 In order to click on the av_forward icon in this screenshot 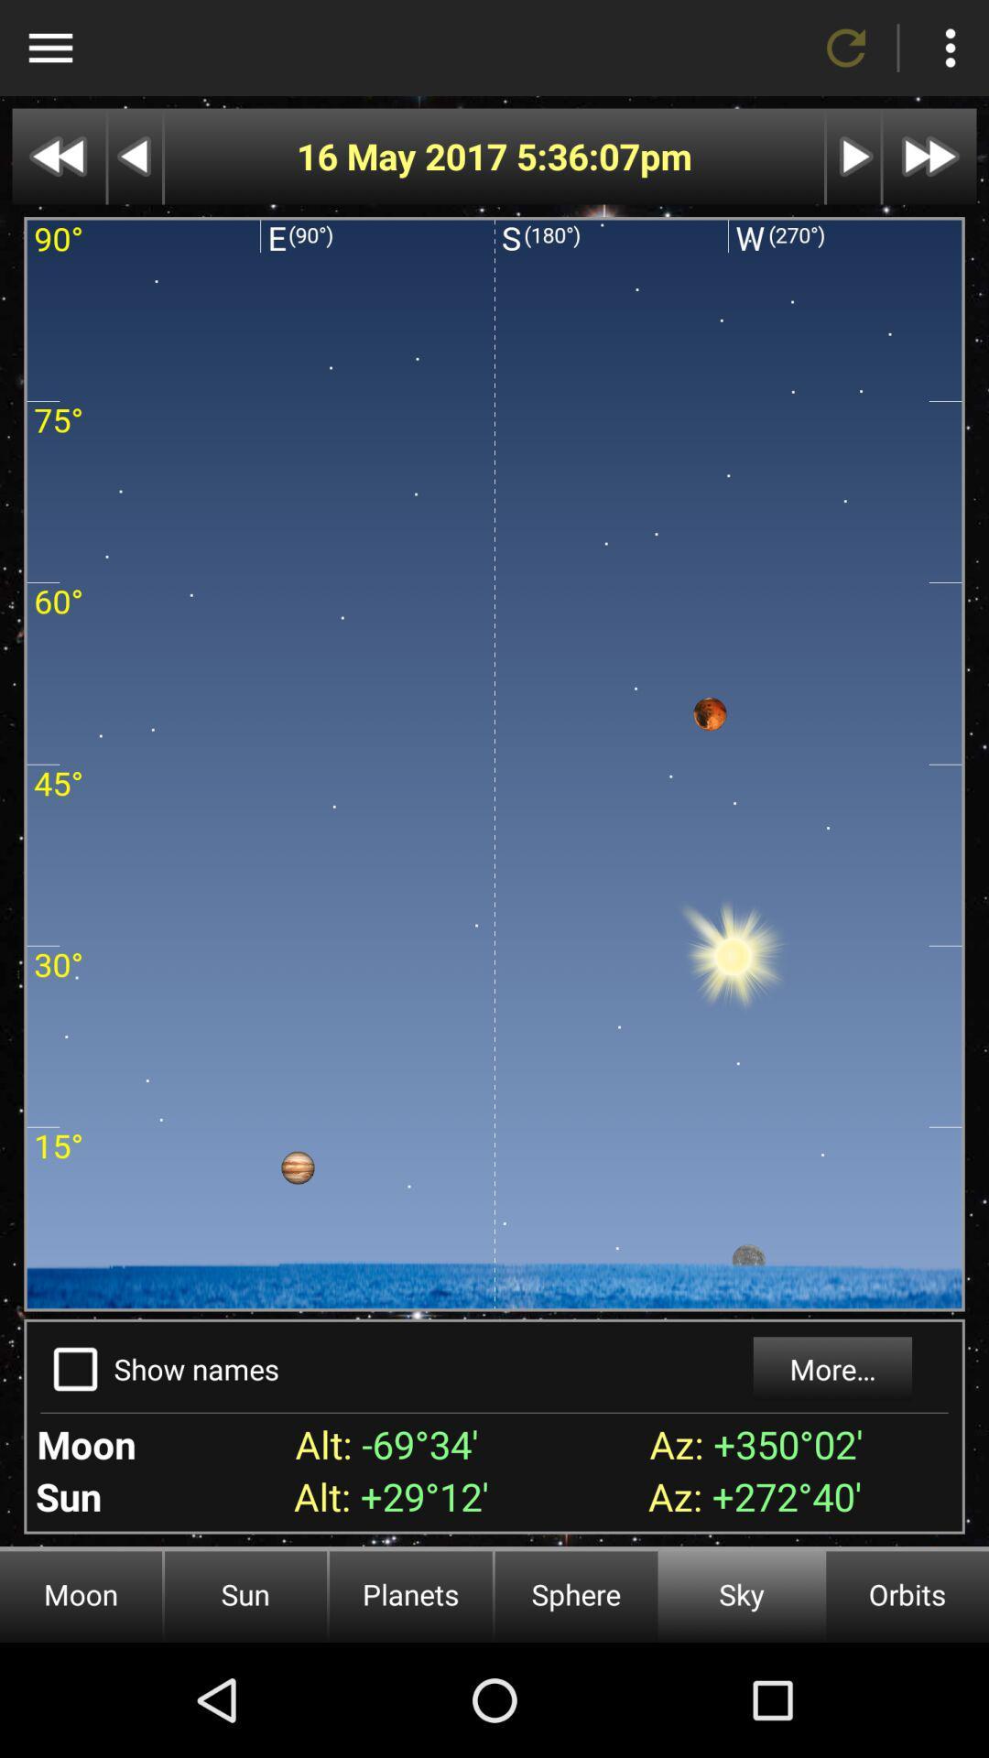, I will do `click(929, 157)`.